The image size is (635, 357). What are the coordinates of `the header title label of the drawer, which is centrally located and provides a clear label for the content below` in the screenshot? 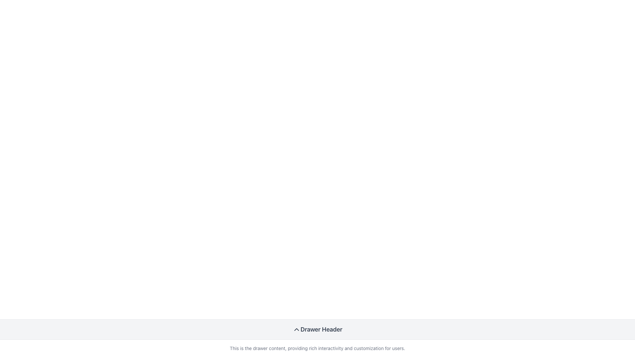 It's located at (321, 329).